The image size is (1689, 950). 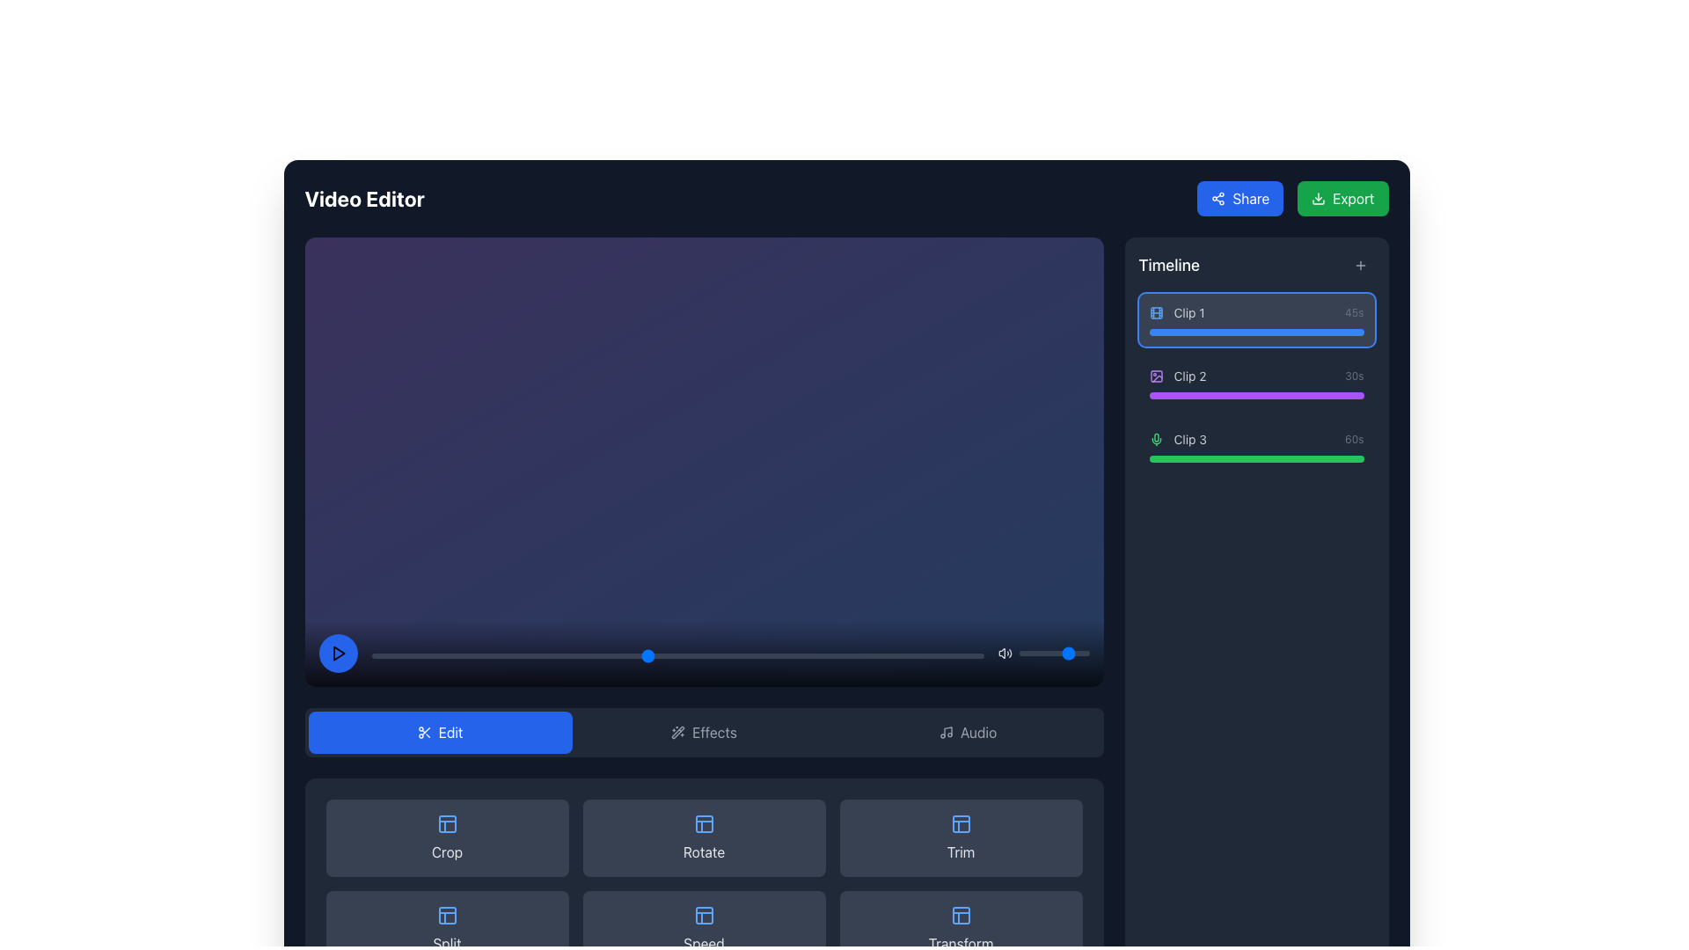 What do you see at coordinates (1255, 446) in the screenshot?
I see `the media clip indicator labeled 'Clip 3'` at bounding box center [1255, 446].